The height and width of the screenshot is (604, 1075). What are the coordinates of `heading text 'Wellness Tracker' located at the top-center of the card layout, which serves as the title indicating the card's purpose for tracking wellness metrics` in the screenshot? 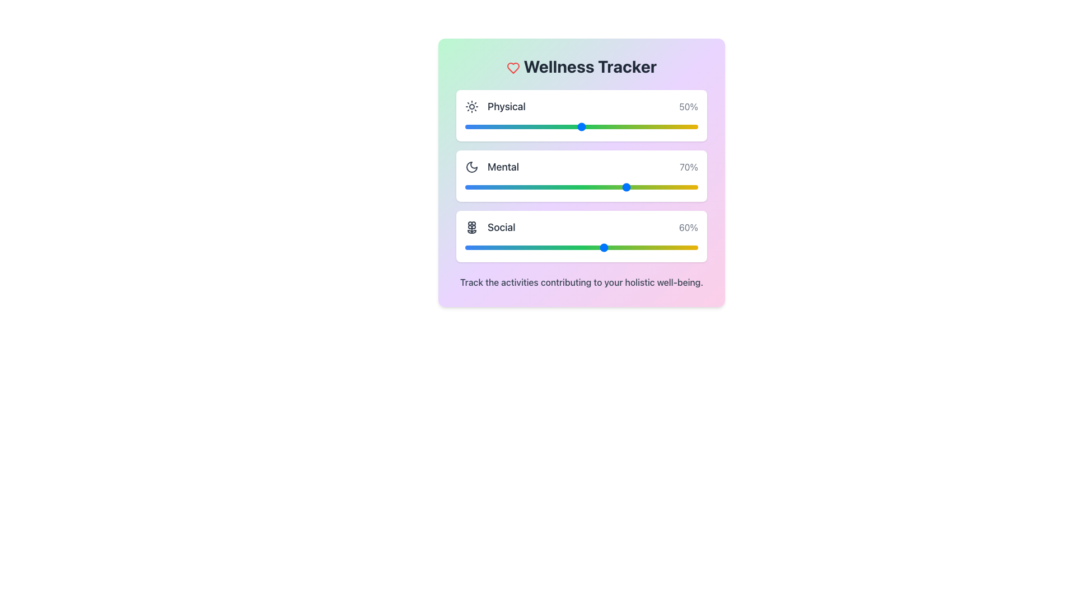 It's located at (581, 67).